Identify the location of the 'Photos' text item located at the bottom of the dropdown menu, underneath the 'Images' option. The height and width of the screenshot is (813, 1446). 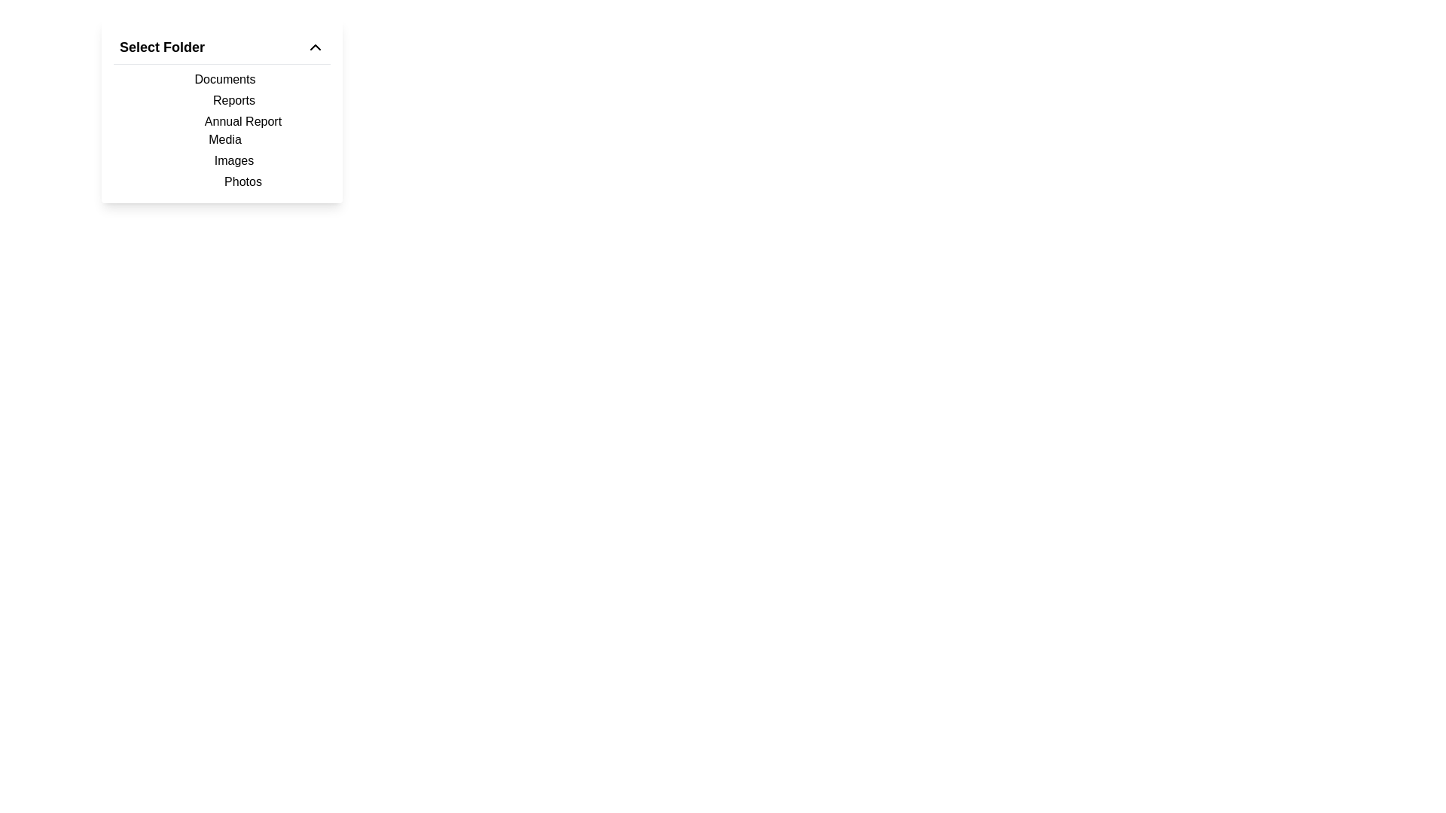
(239, 181).